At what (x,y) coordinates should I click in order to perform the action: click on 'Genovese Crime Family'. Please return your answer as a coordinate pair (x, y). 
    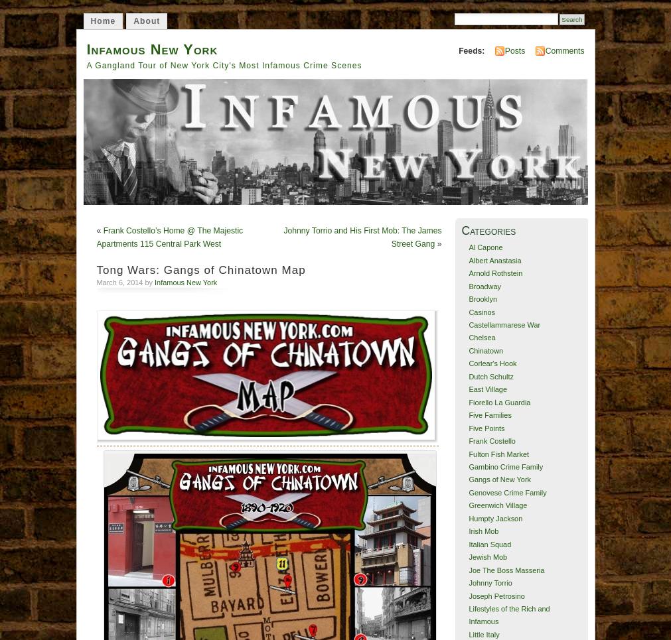
    Looking at the image, I should click on (506, 491).